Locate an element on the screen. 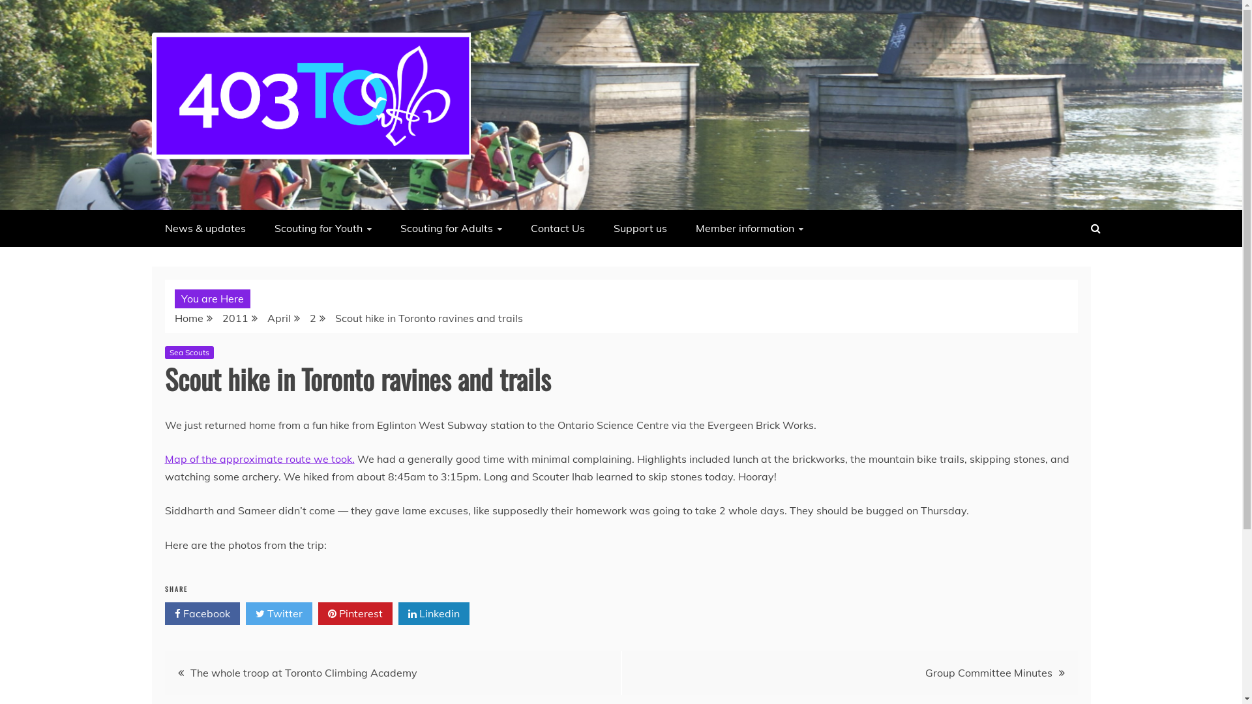 The height and width of the screenshot is (704, 1252). 'Facebook' is located at coordinates (201, 613).